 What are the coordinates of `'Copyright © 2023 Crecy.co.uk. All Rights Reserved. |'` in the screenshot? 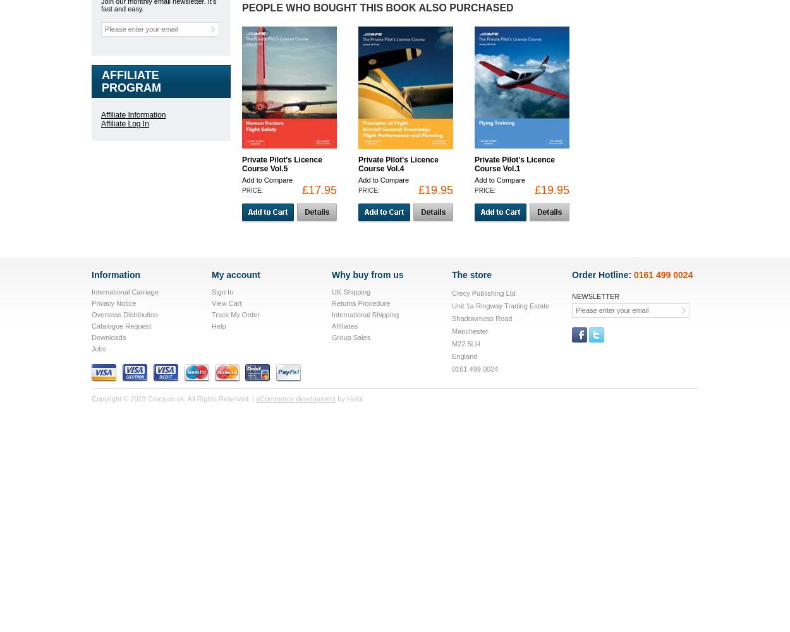 It's located at (92, 399).